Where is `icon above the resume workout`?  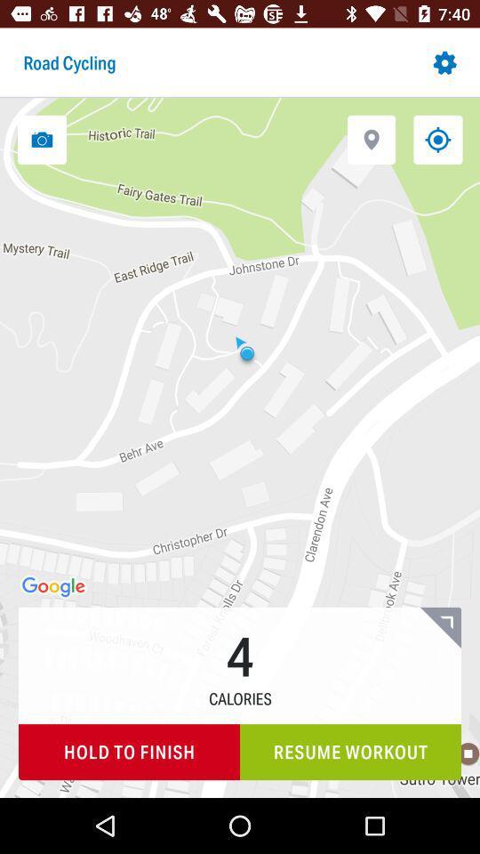 icon above the resume workout is located at coordinates (439, 627).